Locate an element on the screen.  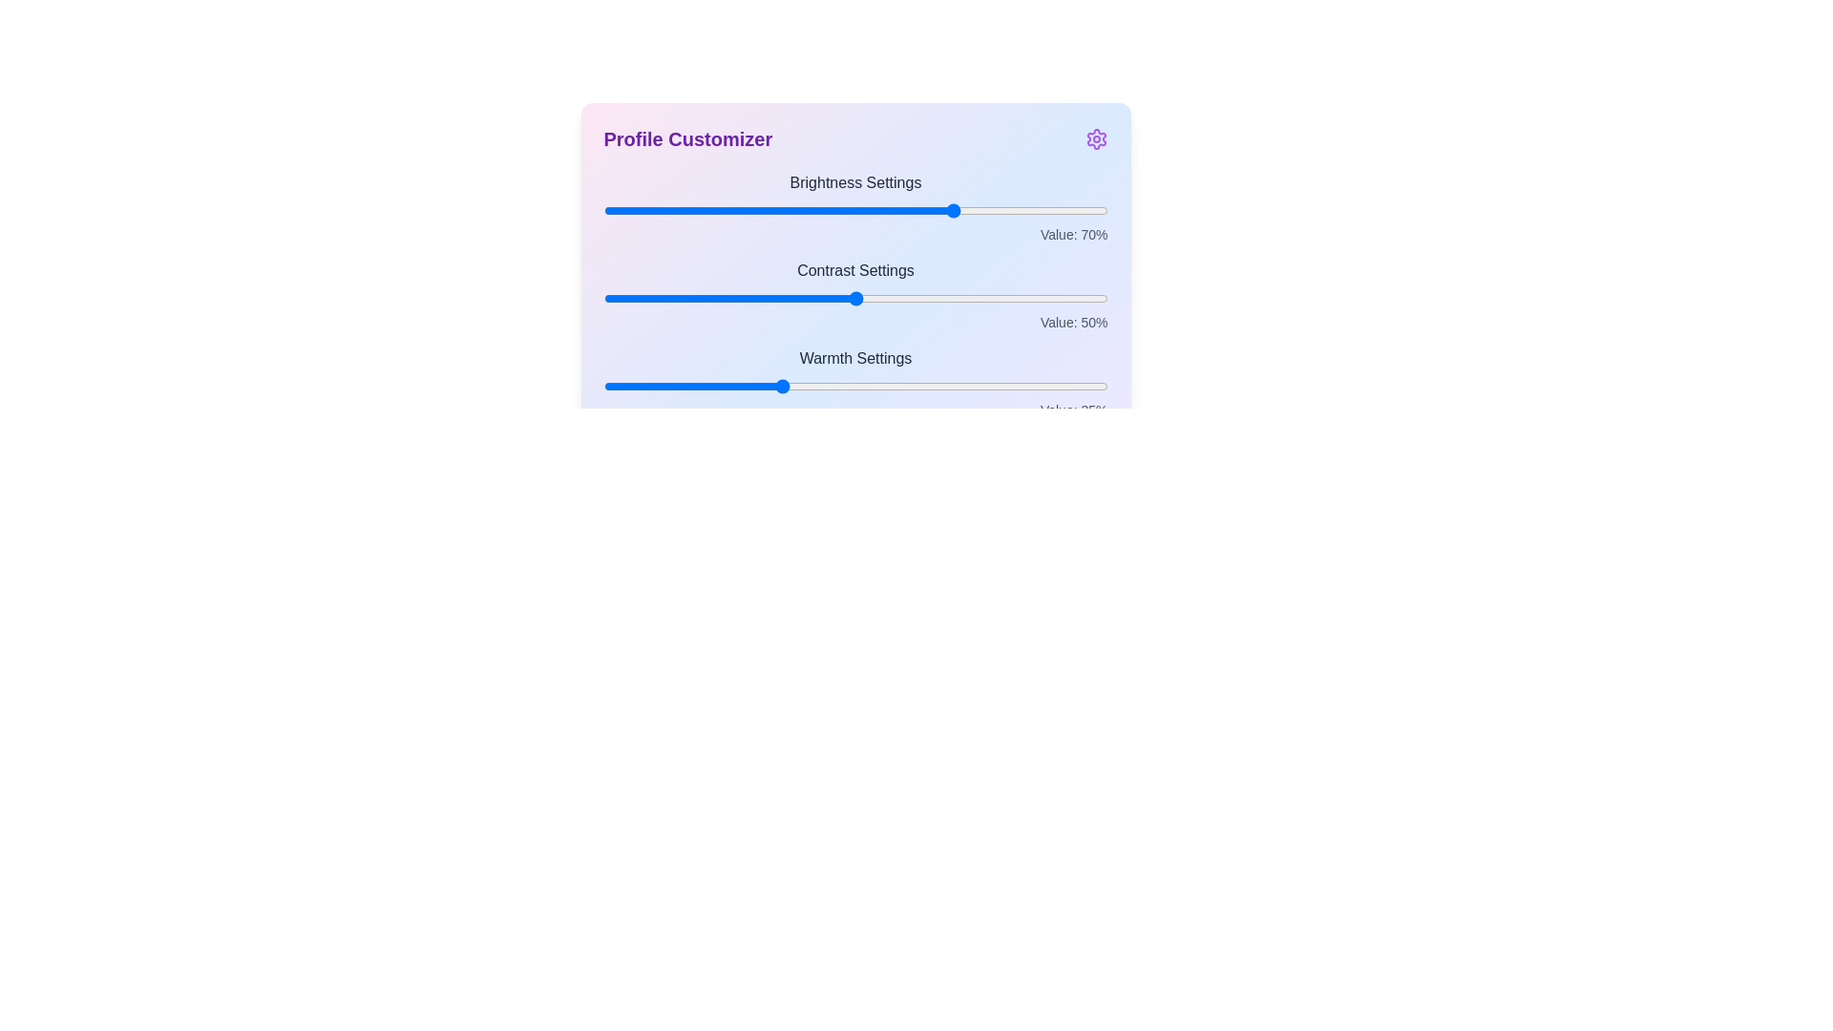
the slider for 1 to a value of 88 is located at coordinates (1046, 298).